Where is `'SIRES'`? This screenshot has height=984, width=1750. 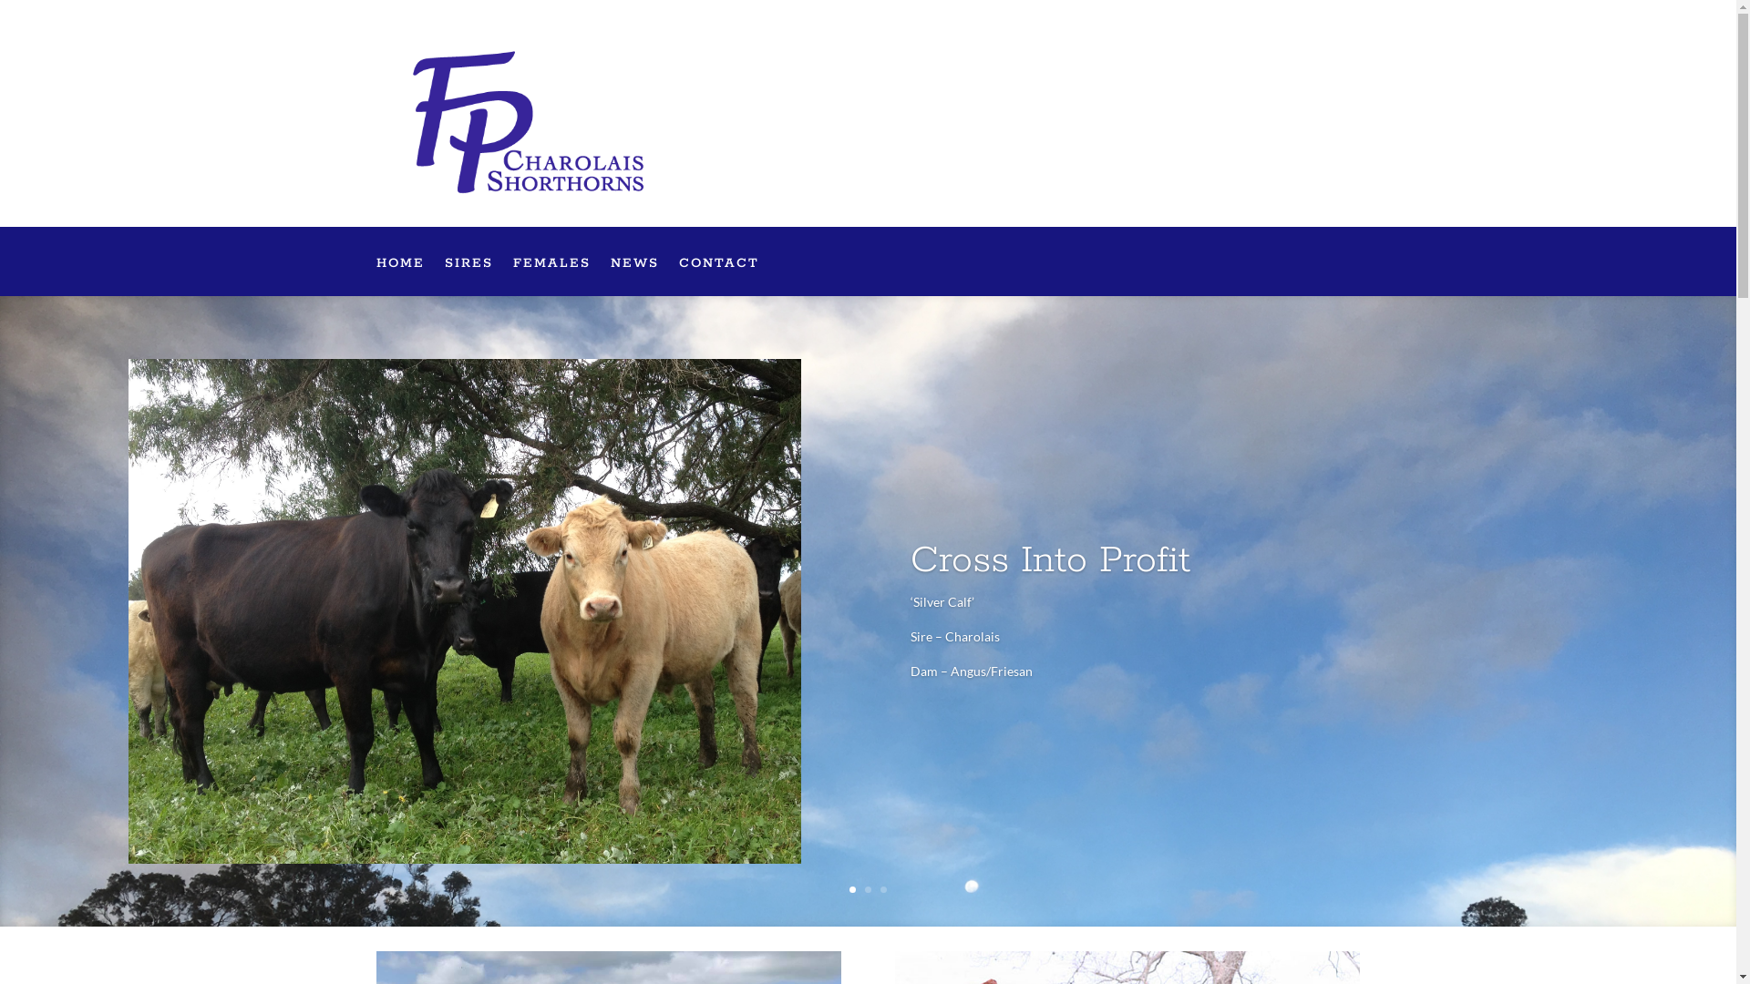
'SIRES' is located at coordinates (468, 276).